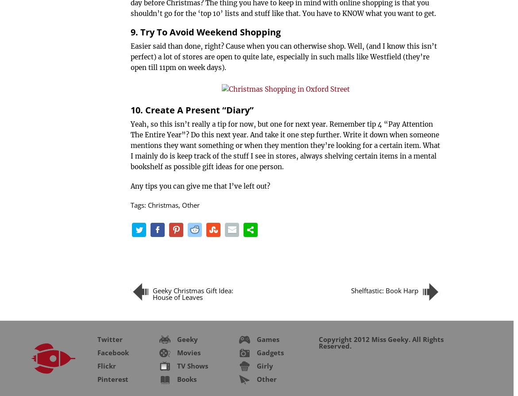 This screenshot has height=396, width=518. I want to click on 'Tags:', so click(139, 205).